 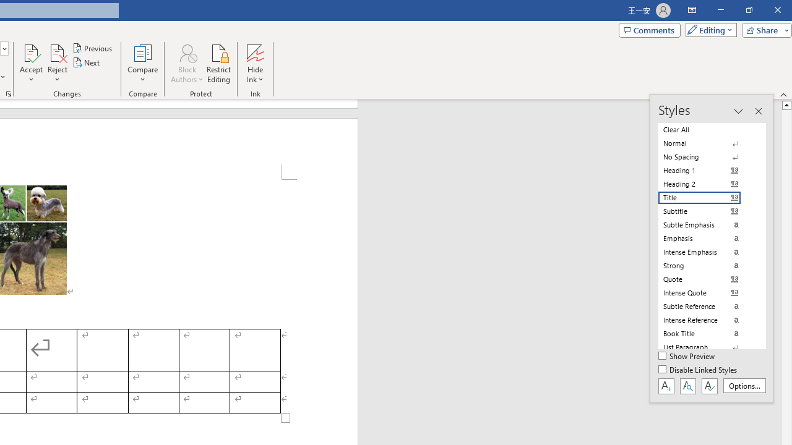 What do you see at coordinates (86, 62) in the screenshot?
I see `'Next'` at bounding box center [86, 62].